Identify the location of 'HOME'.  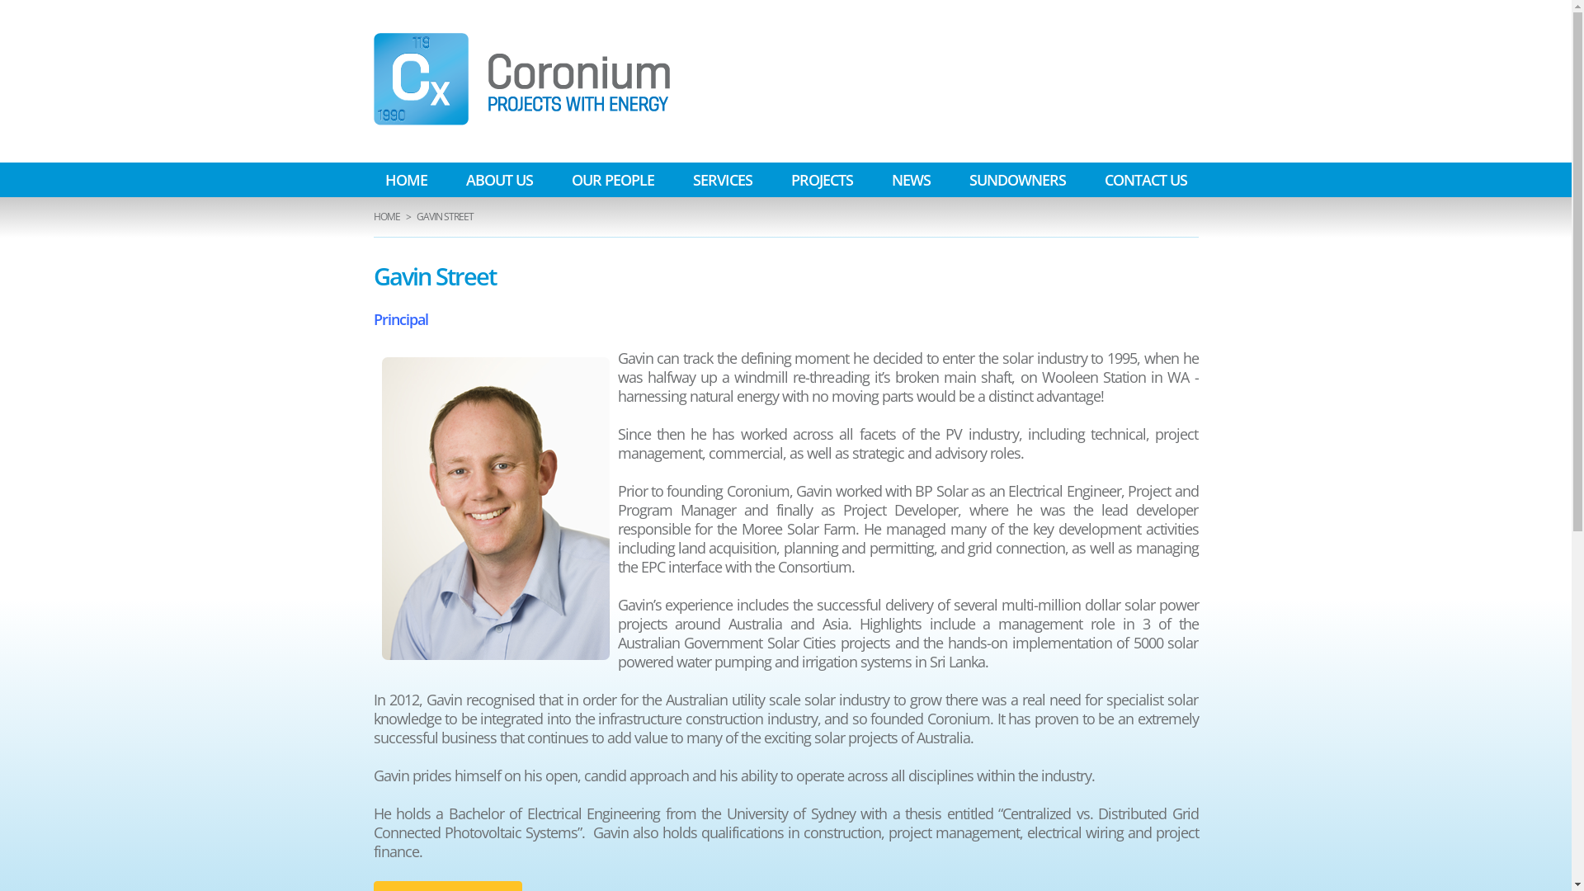
(384, 215).